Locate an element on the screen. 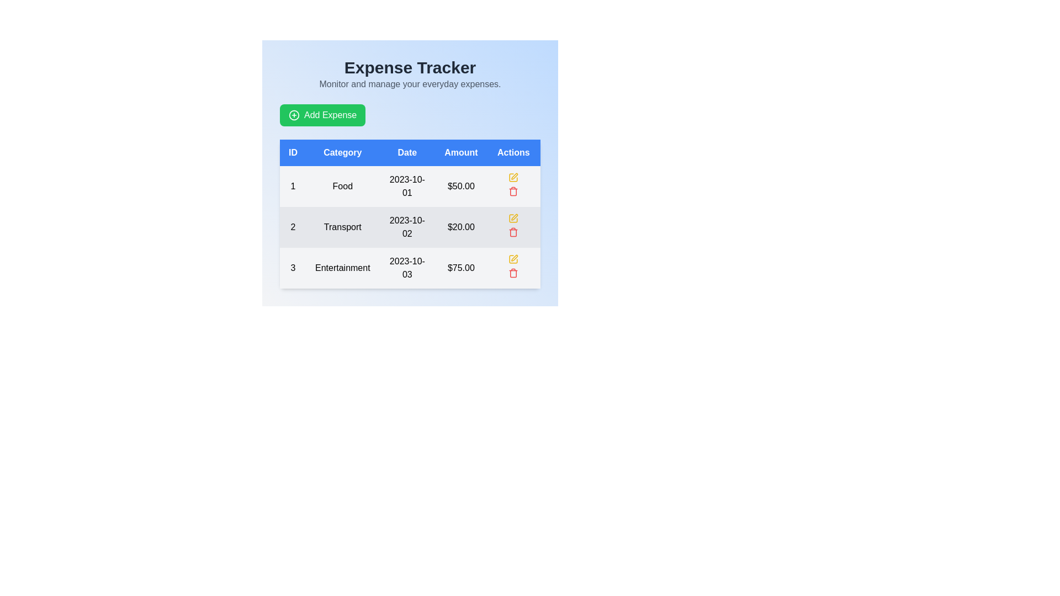 The width and height of the screenshot is (1060, 596). the text label 'ID' which is a white text centered in a blue-shaded box, positioned as the first column header in a horizontally arranged header row is located at coordinates (293, 153).